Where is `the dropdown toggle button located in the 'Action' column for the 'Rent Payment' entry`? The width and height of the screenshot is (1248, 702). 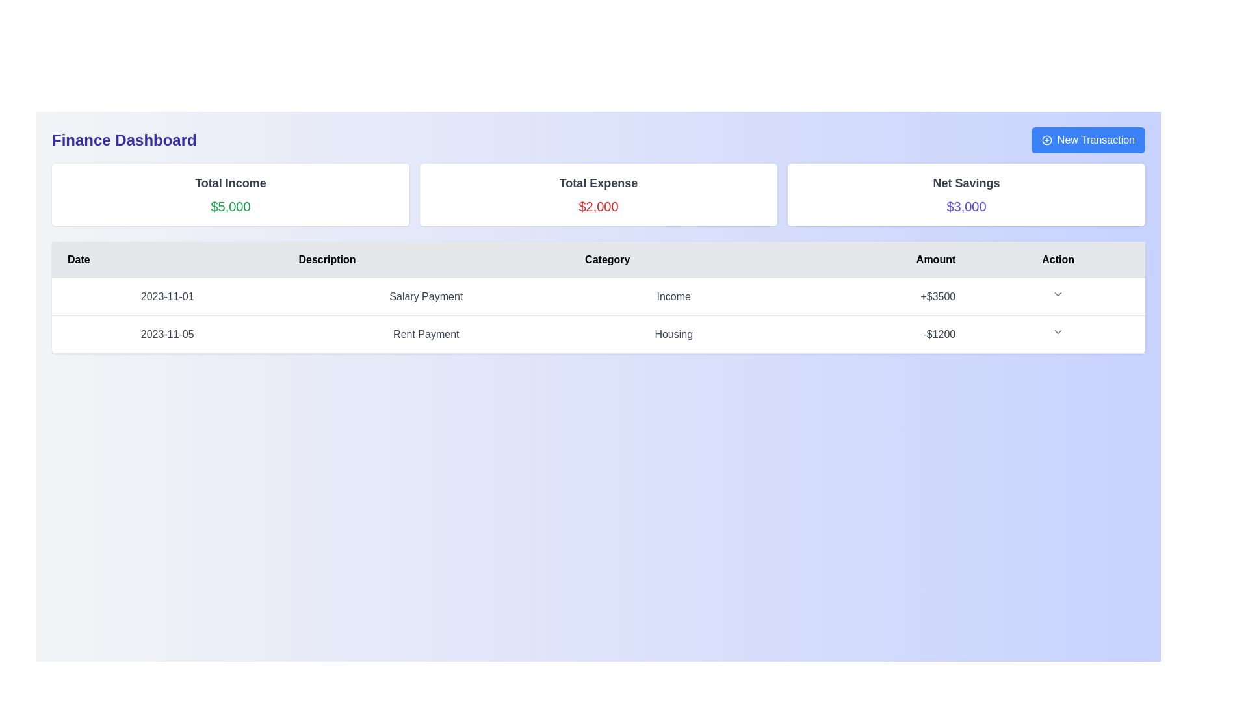
the dropdown toggle button located in the 'Action' column for the 'Rent Payment' entry is located at coordinates (1058, 333).